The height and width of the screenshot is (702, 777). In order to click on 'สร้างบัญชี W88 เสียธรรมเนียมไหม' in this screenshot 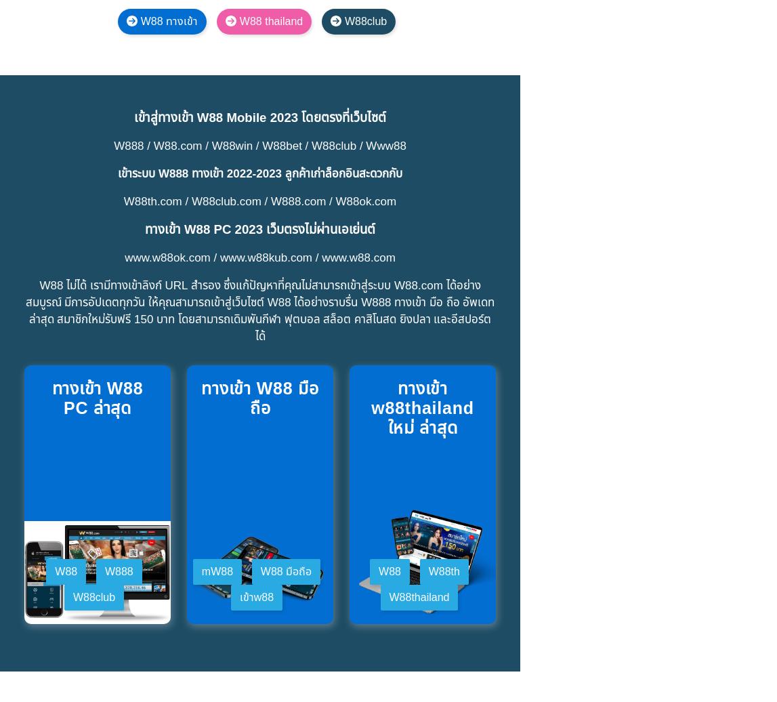, I will do `click(149, 544)`.